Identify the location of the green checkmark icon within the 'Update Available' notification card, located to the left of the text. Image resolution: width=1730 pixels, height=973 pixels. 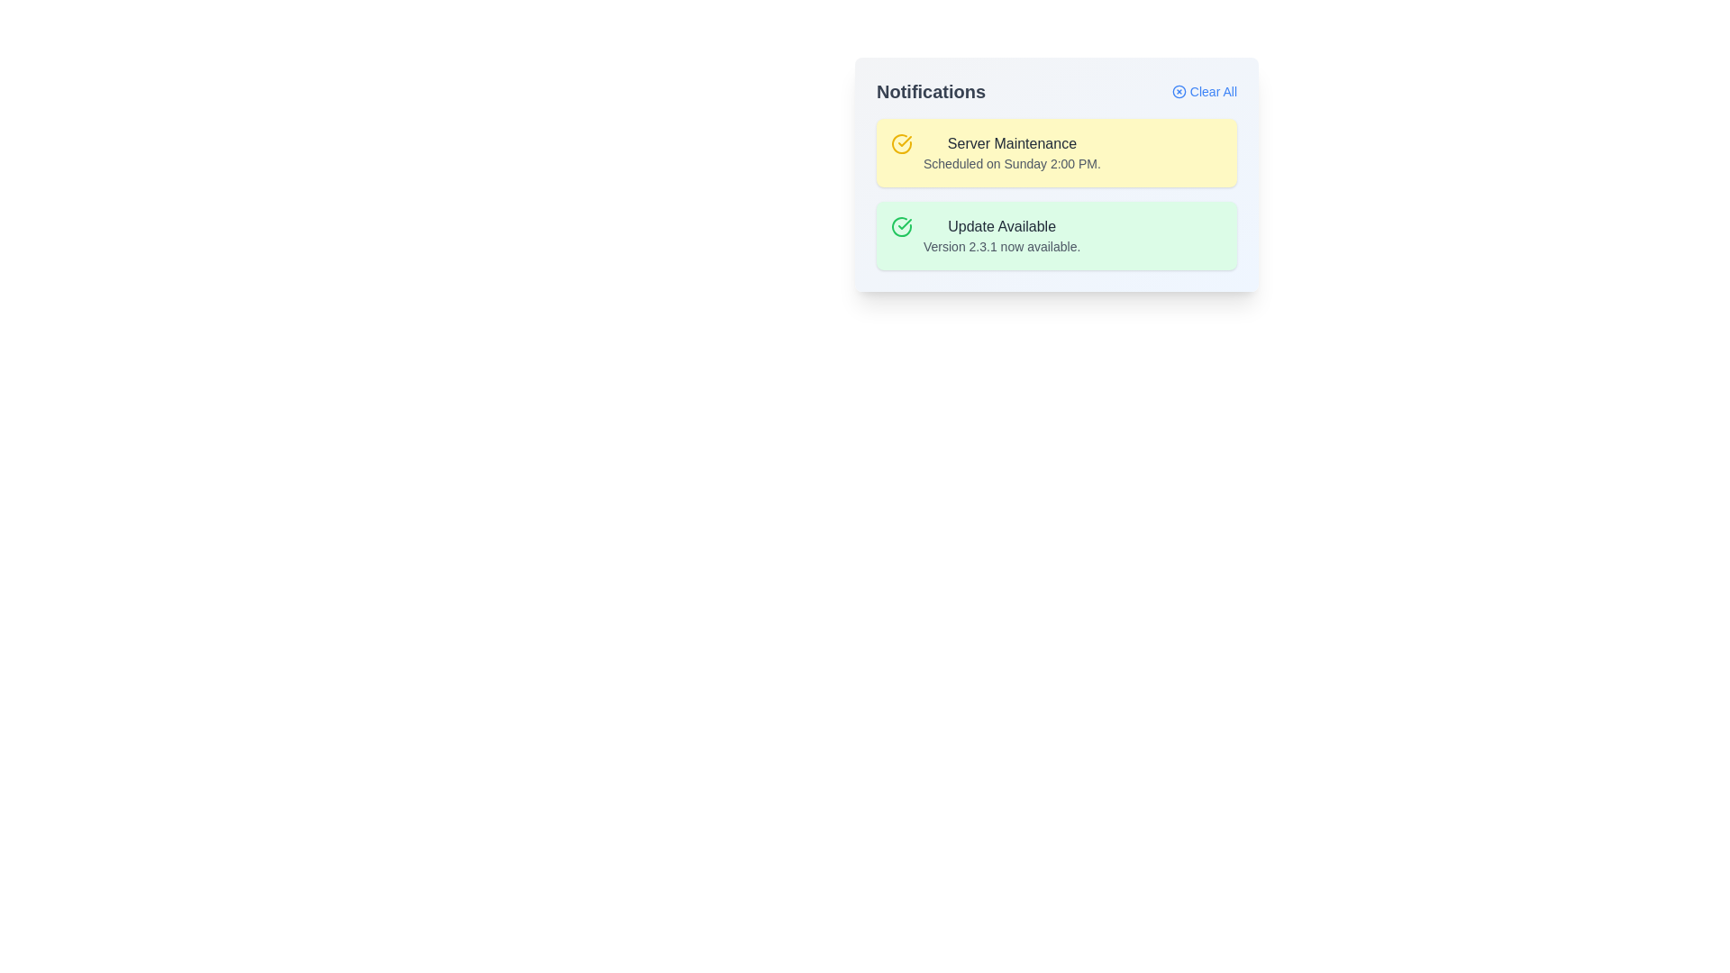
(905, 223).